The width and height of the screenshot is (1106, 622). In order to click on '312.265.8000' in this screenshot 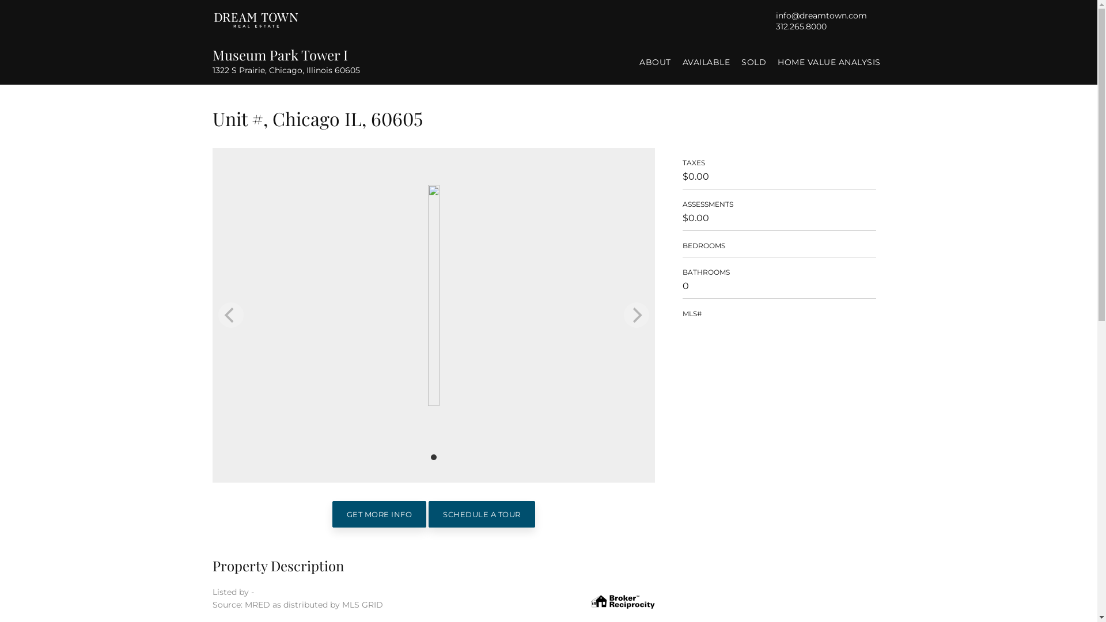, I will do `click(775, 26)`.